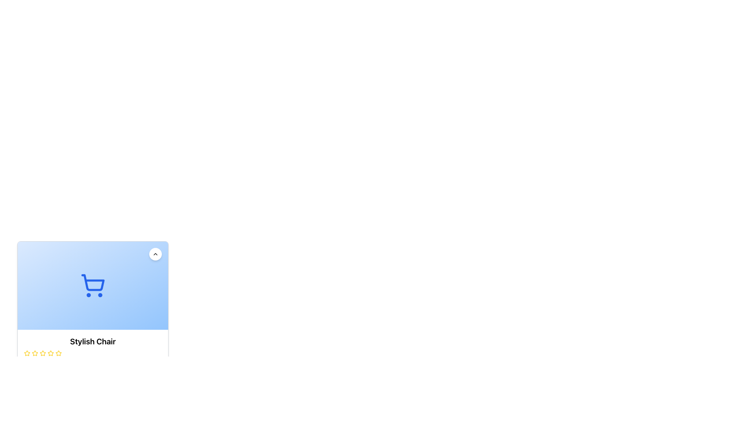 The image size is (756, 425). What do you see at coordinates (35, 353) in the screenshot?
I see `the non-interactive decorative star icon representing a rating system located beneath the text 'Stylish Chair' in the card component` at bounding box center [35, 353].